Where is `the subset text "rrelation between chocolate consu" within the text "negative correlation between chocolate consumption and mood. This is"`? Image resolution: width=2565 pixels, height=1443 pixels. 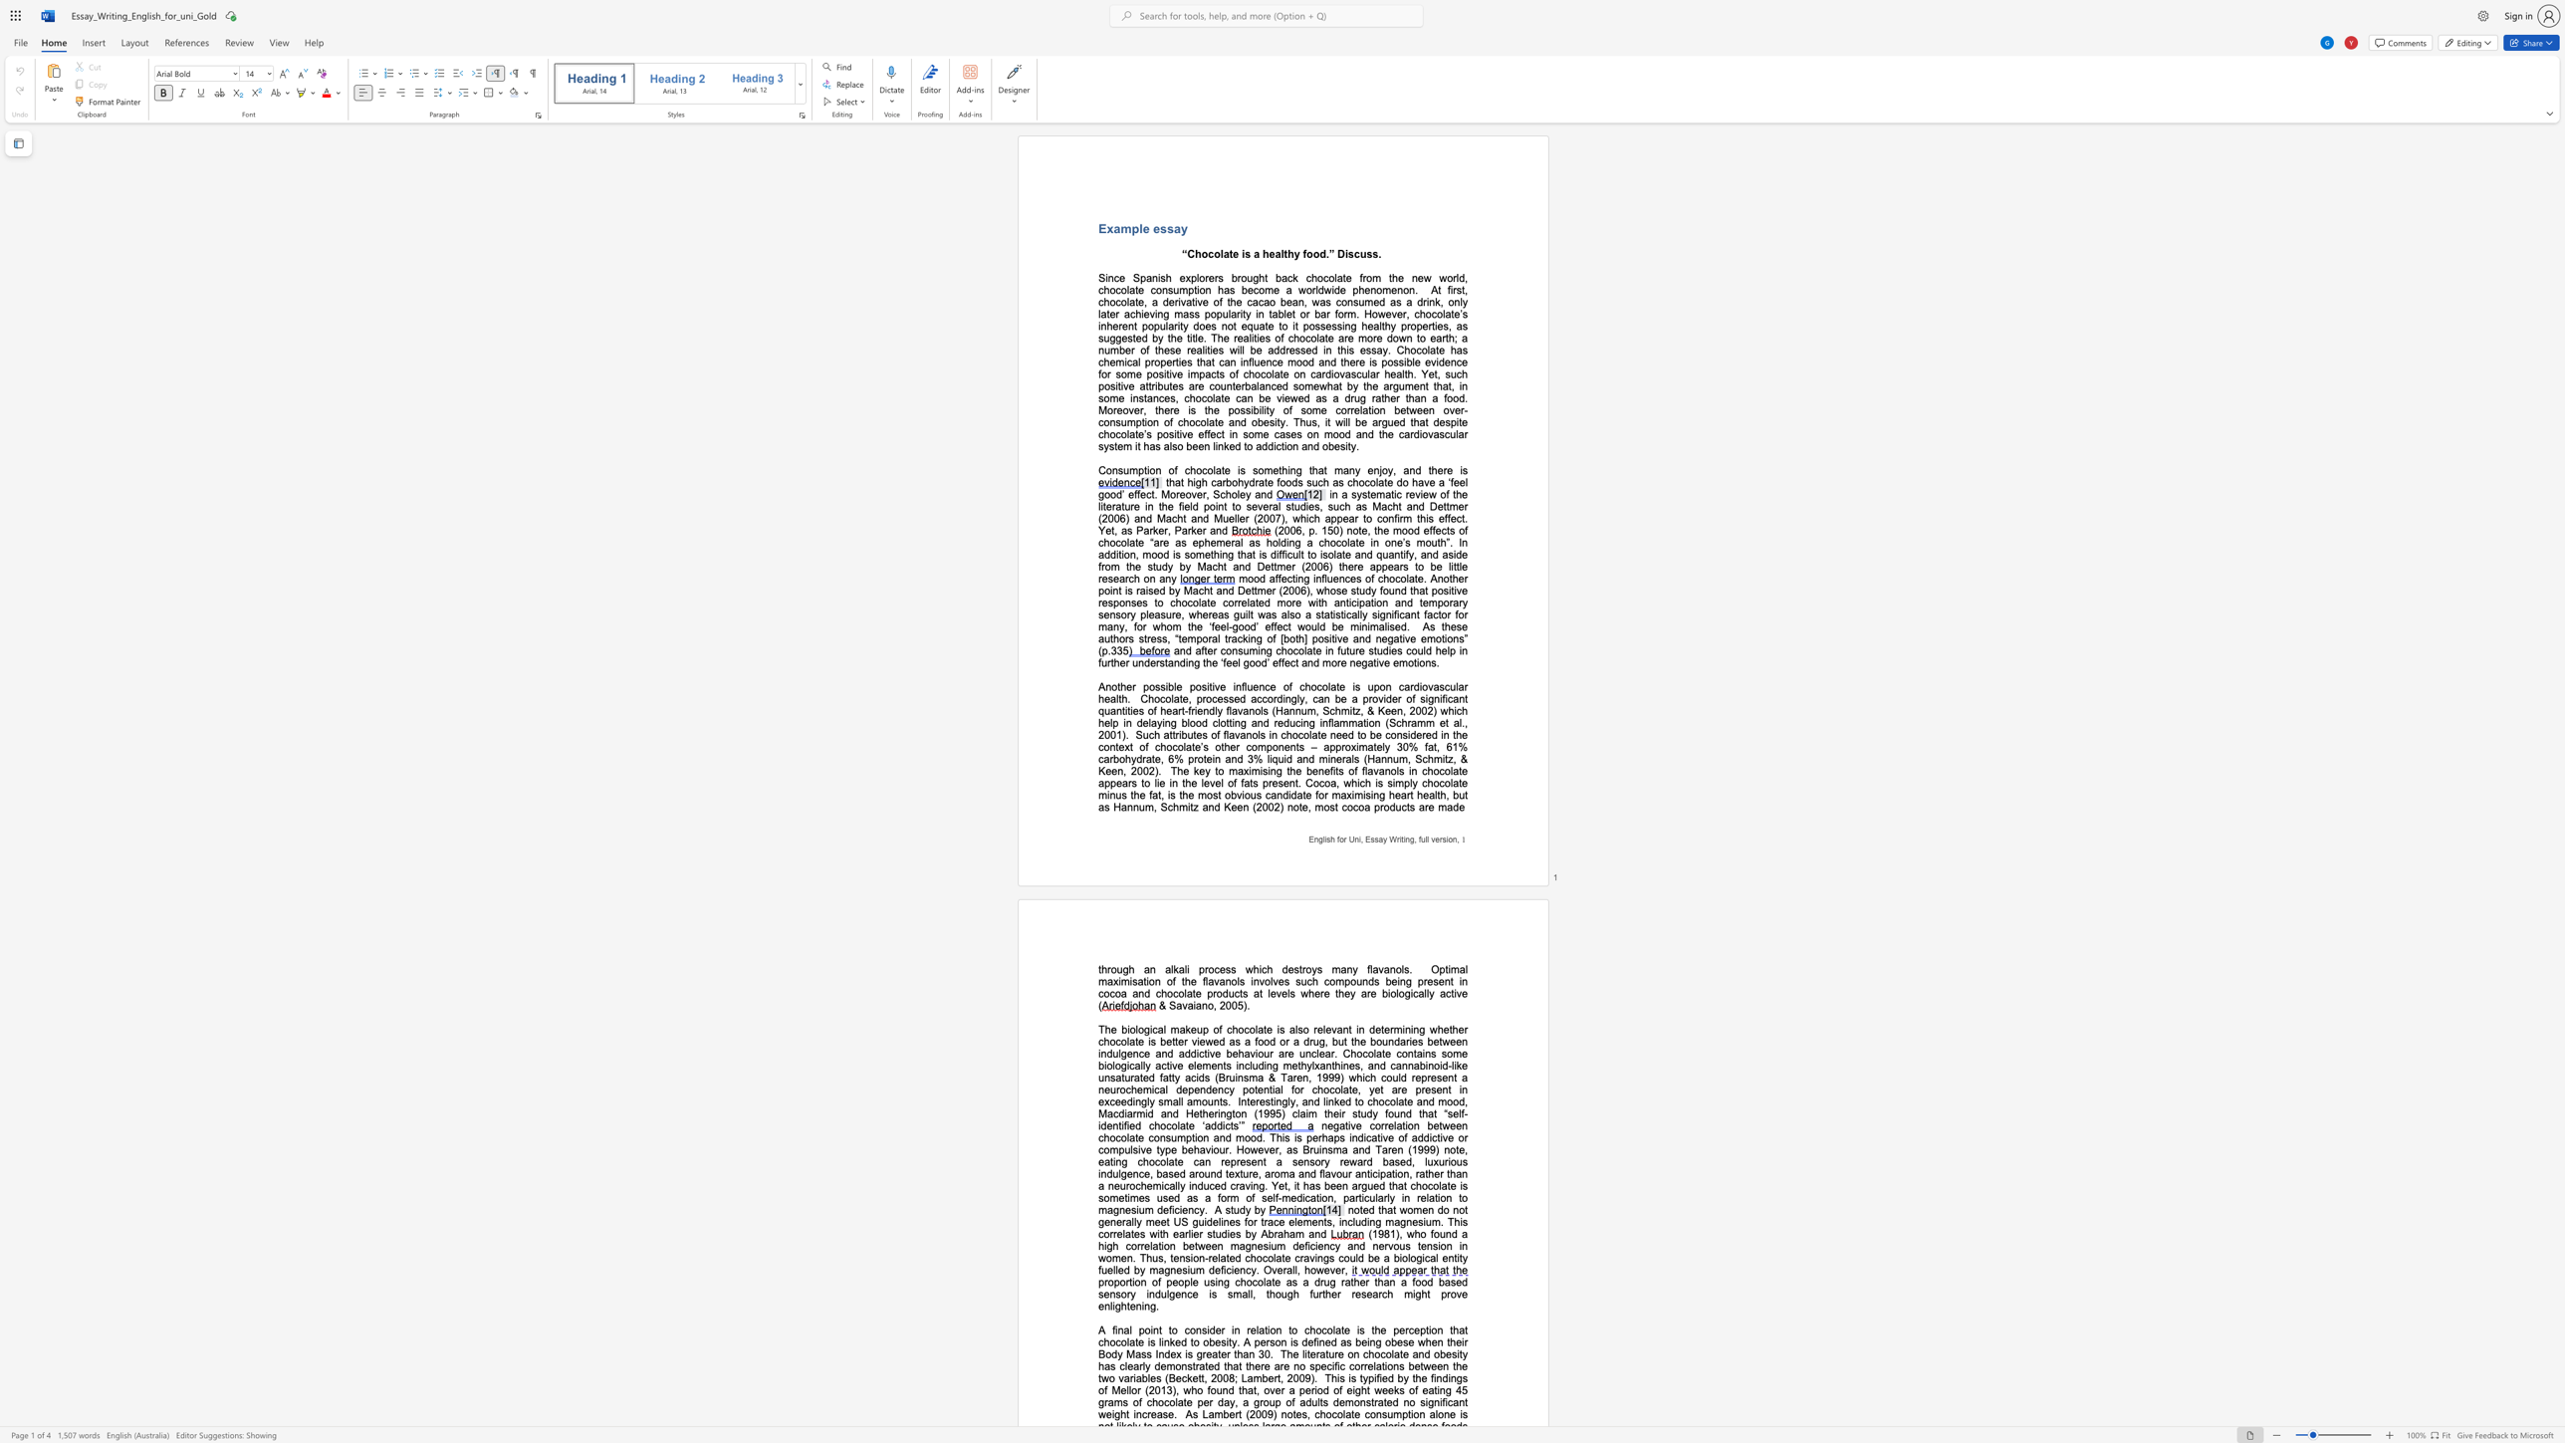
the subset text "rrelation between chocolate consu" within the text "negative correlation between chocolate consumption and mood. This is" is located at coordinates (1379, 1125).